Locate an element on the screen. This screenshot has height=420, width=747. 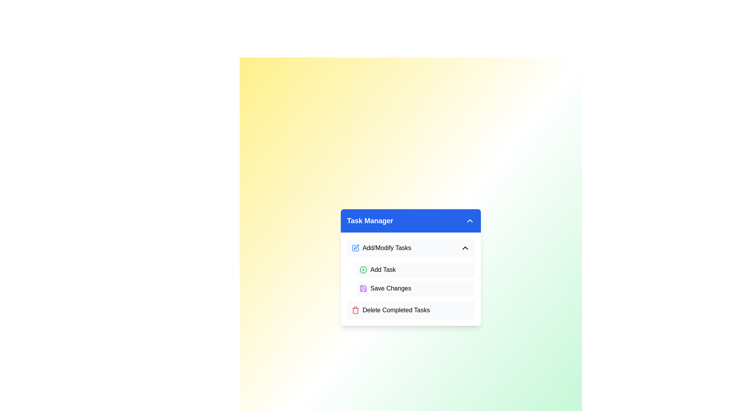
the 'Add/Modify Tasks' icon, which is a non-interactive decorative component located to the left of the label text in the 'Task Manager' section, guiding users to the task modification feature is located at coordinates (356, 247).